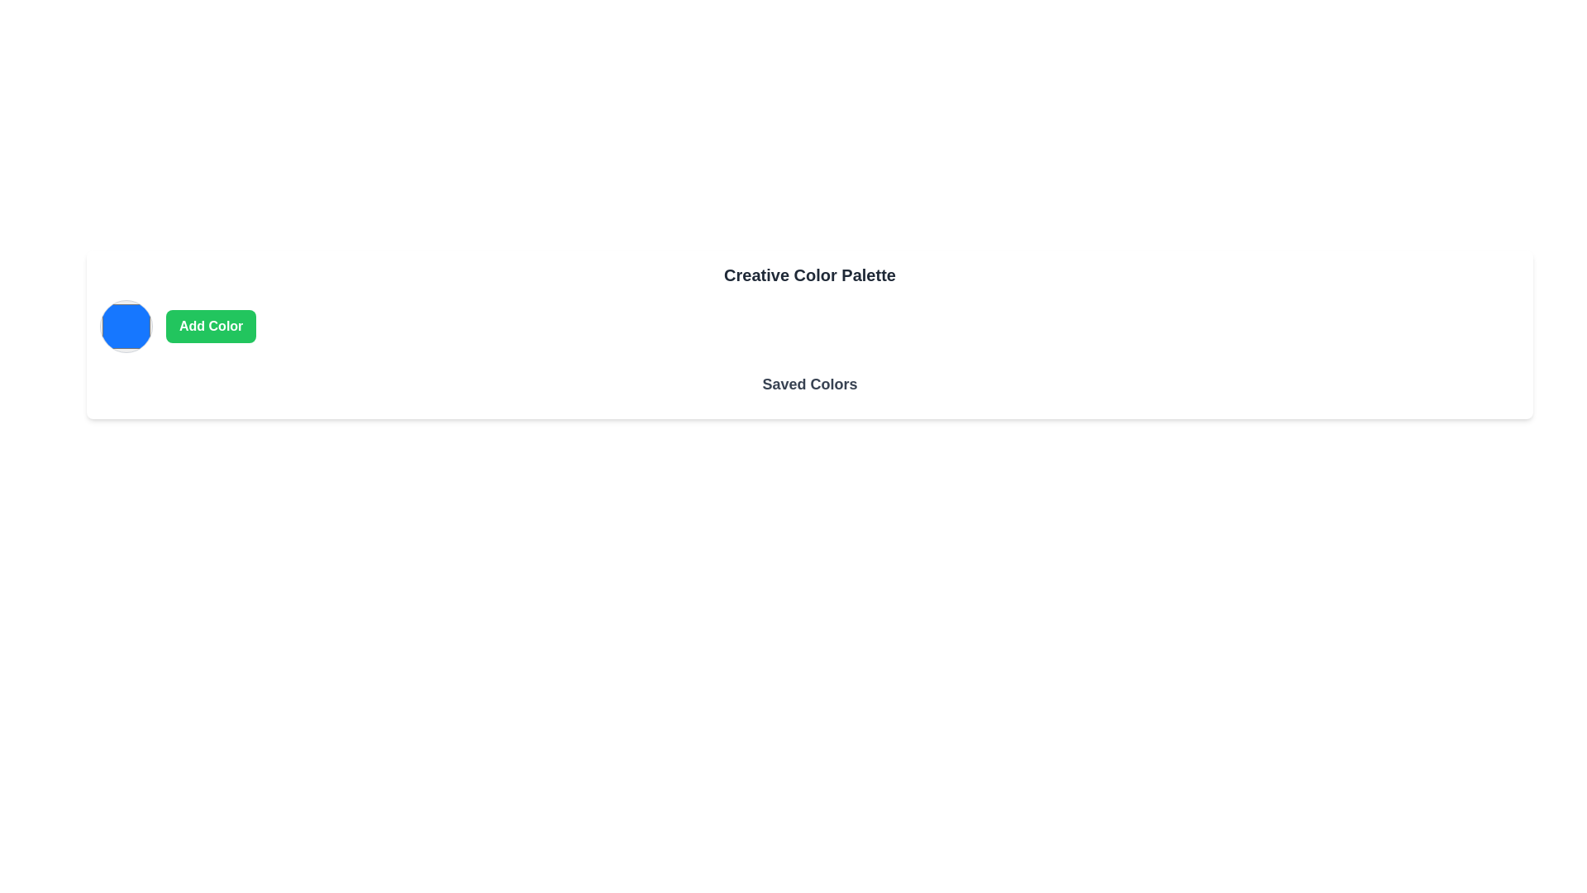 Image resolution: width=1587 pixels, height=893 pixels. What do you see at coordinates (210, 326) in the screenshot?
I see `the green button with rounded corners that has the white text 'Add Color'` at bounding box center [210, 326].